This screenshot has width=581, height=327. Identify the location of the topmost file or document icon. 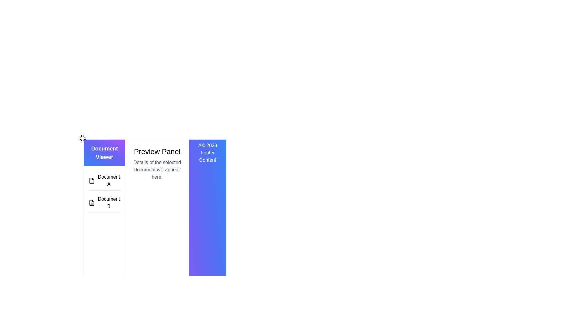
(91, 180).